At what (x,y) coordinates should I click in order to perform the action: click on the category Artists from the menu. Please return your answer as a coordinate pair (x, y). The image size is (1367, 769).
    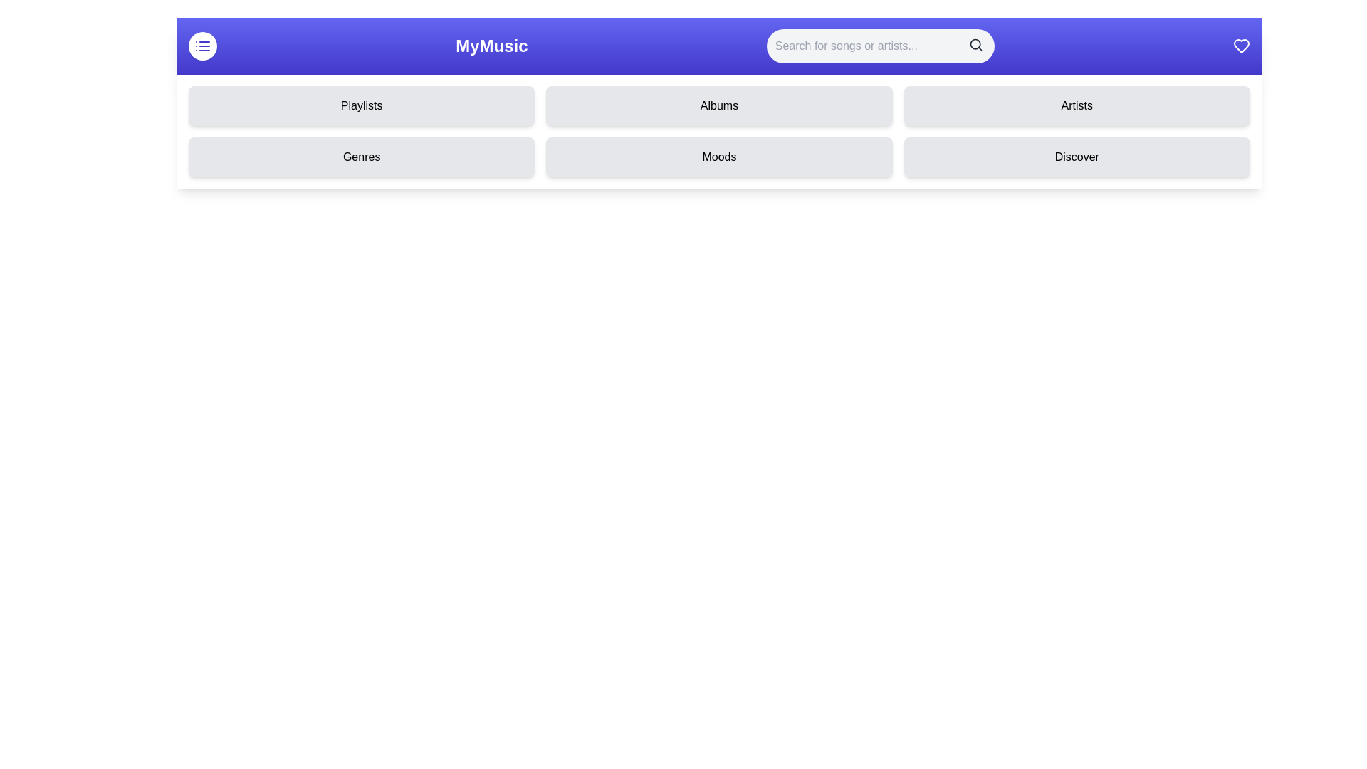
    Looking at the image, I should click on (1077, 105).